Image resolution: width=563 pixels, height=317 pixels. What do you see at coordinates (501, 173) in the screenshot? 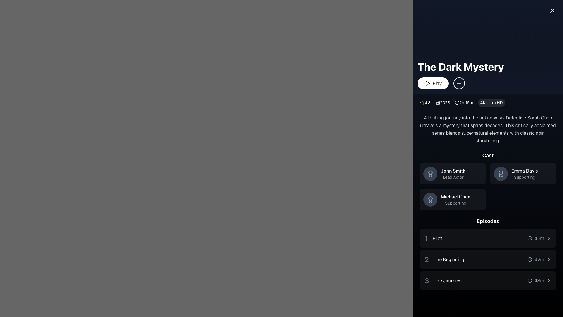
I see `the circular badge icon with a dark gray background, featuring a ribbon or medal icon, located to the left of the 'Emma Davis' text in the 'Cast' section` at bounding box center [501, 173].